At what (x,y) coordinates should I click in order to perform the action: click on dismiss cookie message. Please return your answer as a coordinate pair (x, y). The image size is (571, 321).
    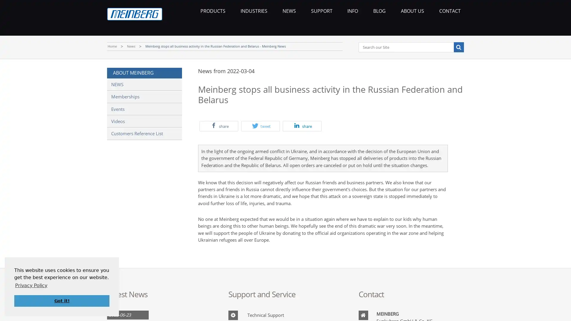
    Looking at the image, I should click on (62, 300).